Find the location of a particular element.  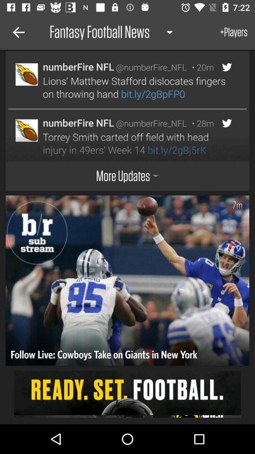

the icon to the left of fantasy football news icon is located at coordinates (17, 32).